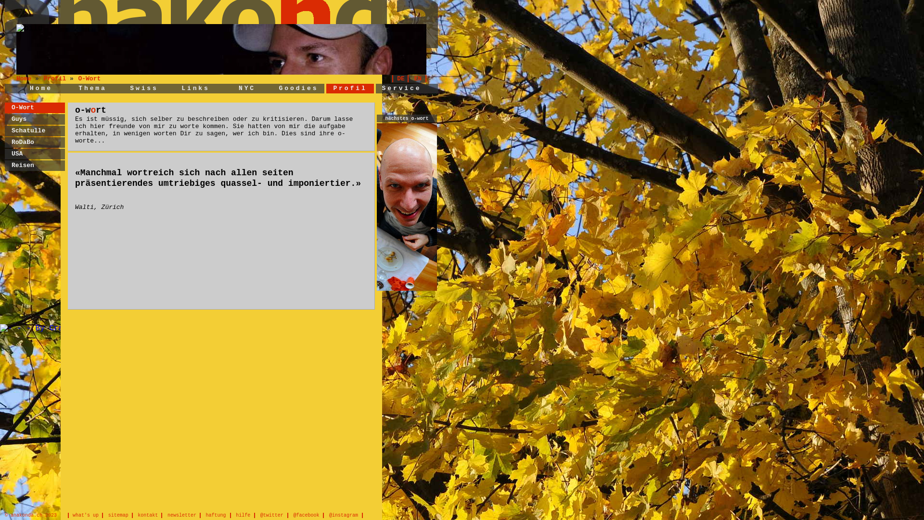  What do you see at coordinates (85, 515) in the screenshot?
I see `'what's up'` at bounding box center [85, 515].